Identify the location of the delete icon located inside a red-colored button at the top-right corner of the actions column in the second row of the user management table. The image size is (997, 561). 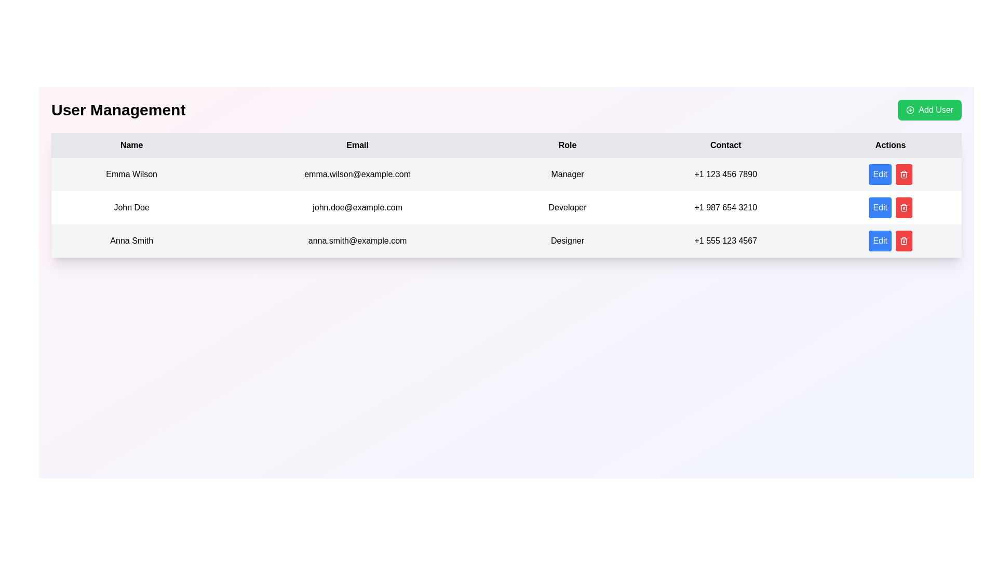
(904, 173).